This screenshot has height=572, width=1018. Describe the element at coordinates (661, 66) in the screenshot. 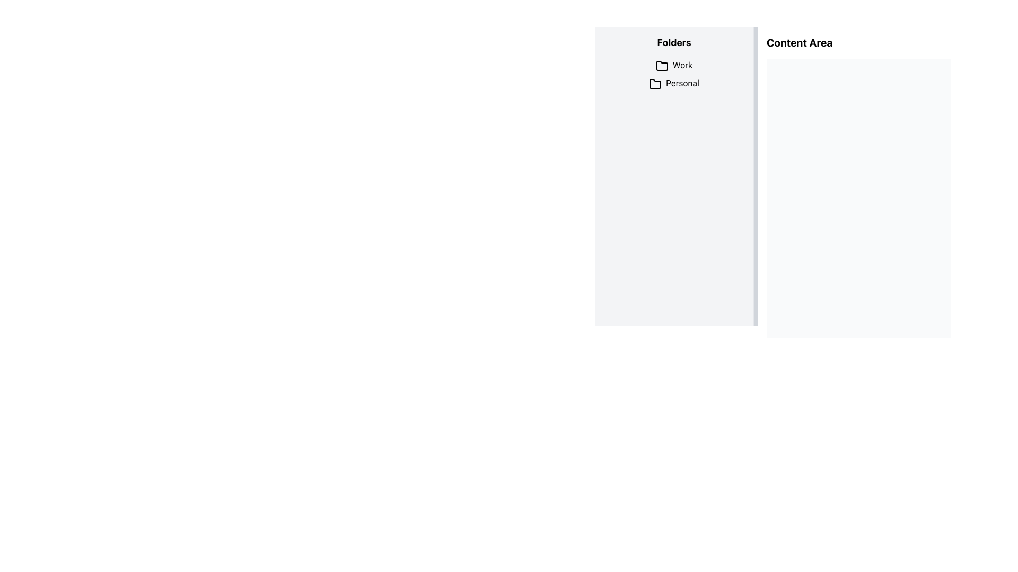

I see `the folder icon representing 'Work'` at that location.